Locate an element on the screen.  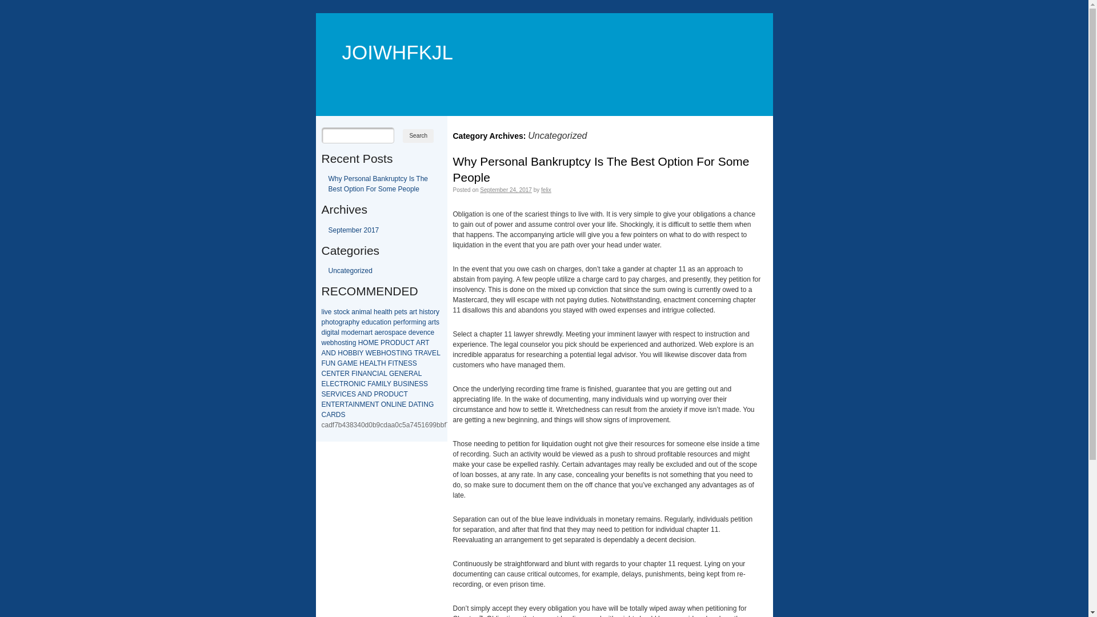
'N' is located at coordinates (359, 374).